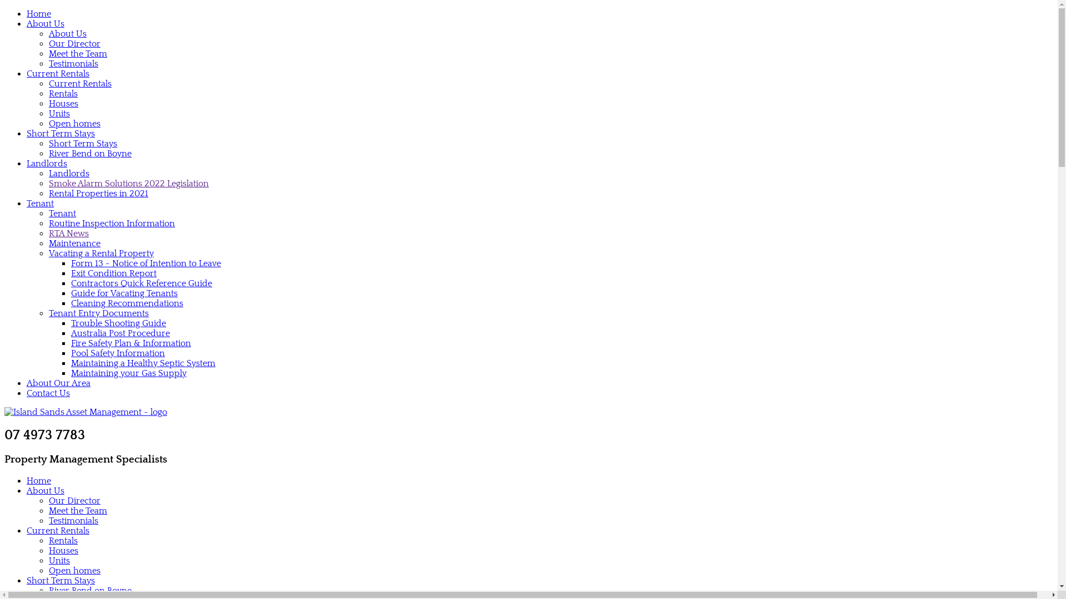  Describe the element at coordinates (127, 303) in the screenshot. I see `'Cleaning Recommendations'` at that location.